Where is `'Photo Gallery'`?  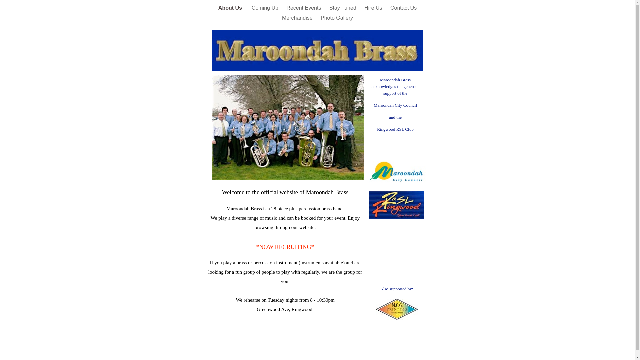
'Photo Gallery' is located at coordinates (337, 17).